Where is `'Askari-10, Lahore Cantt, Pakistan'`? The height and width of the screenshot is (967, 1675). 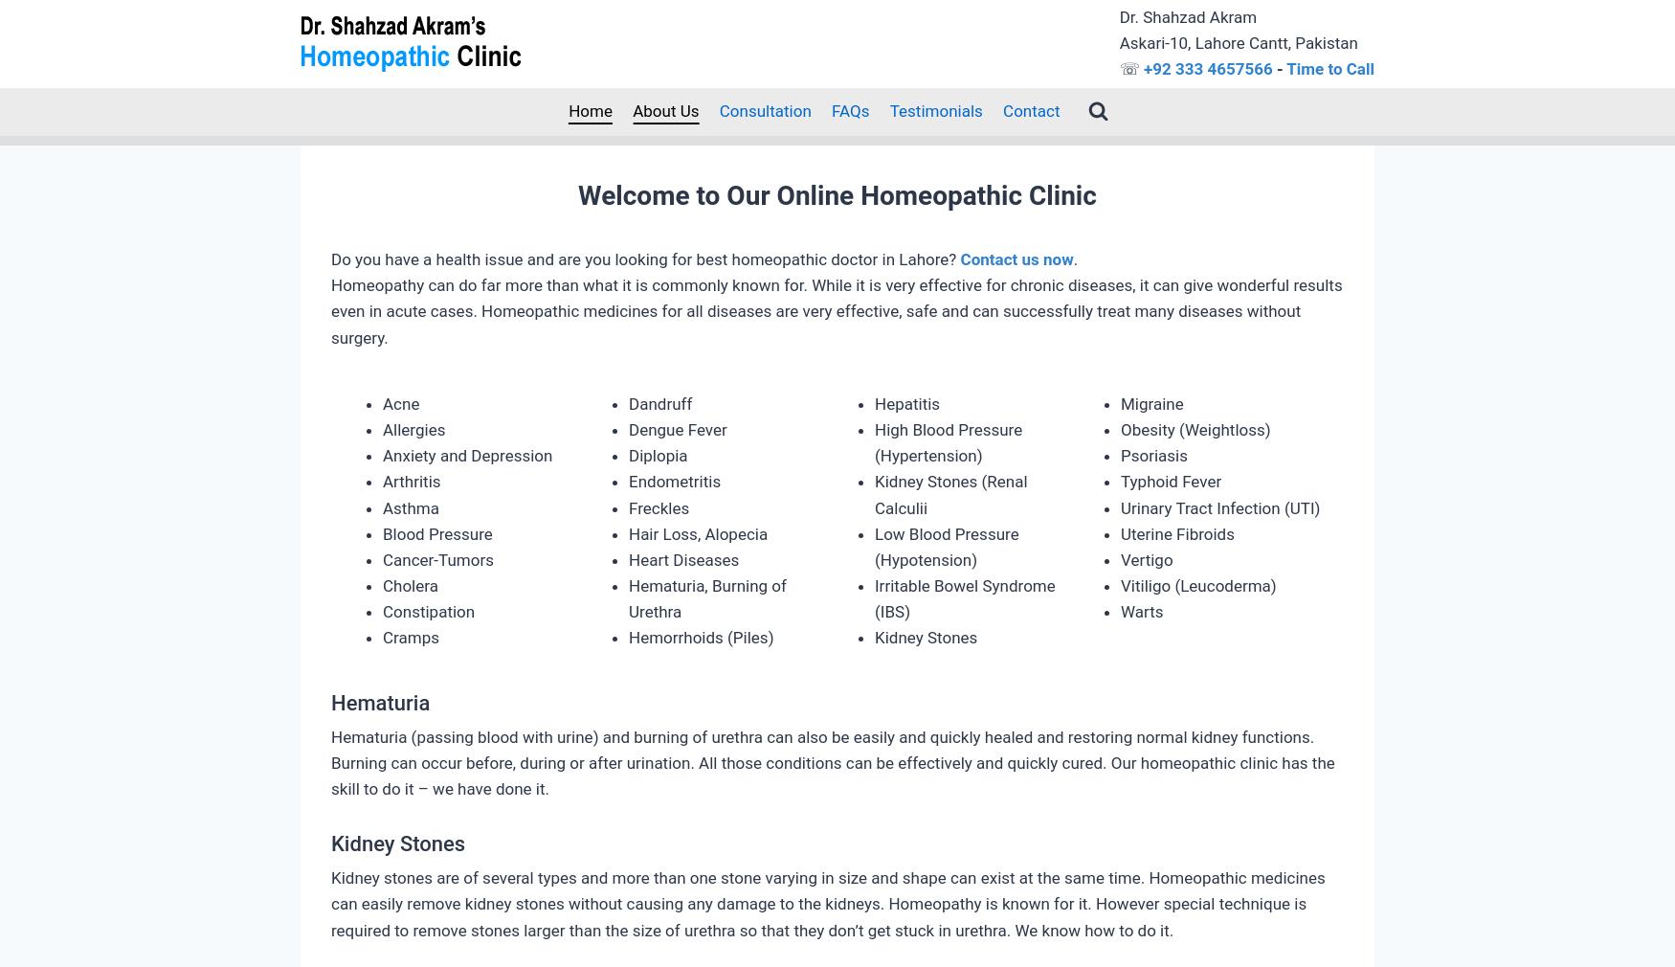 'Askari-10, Lahore Cantt, Pakistan' is located at coordinates (1118, 42).